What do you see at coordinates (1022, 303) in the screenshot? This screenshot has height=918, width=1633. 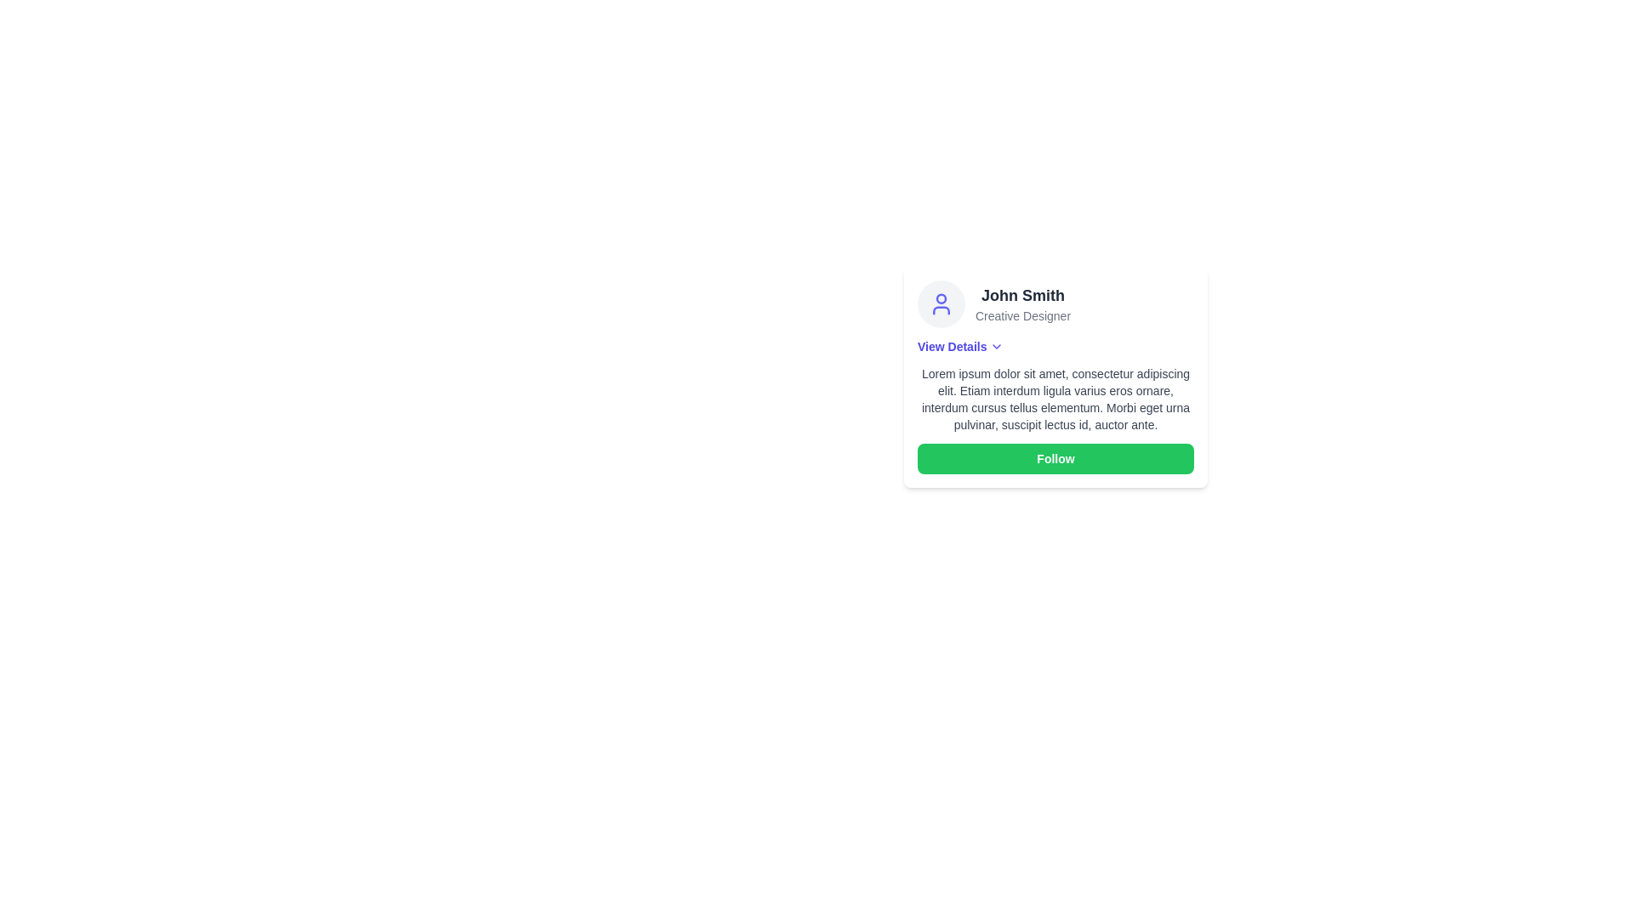 I see `the Text block displaying 'John Smith' and 'Creative Designer' in the profile card, located to the right of the circular avatar icon and above the 'View Details' link` at bounding box center [1022, 303].